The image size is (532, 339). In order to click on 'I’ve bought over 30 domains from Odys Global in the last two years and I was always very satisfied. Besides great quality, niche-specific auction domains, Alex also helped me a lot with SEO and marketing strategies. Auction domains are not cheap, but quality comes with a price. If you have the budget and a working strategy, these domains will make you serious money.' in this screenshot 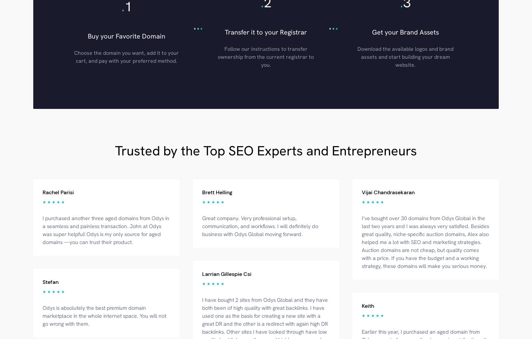, I will do `click(425, 241)`.